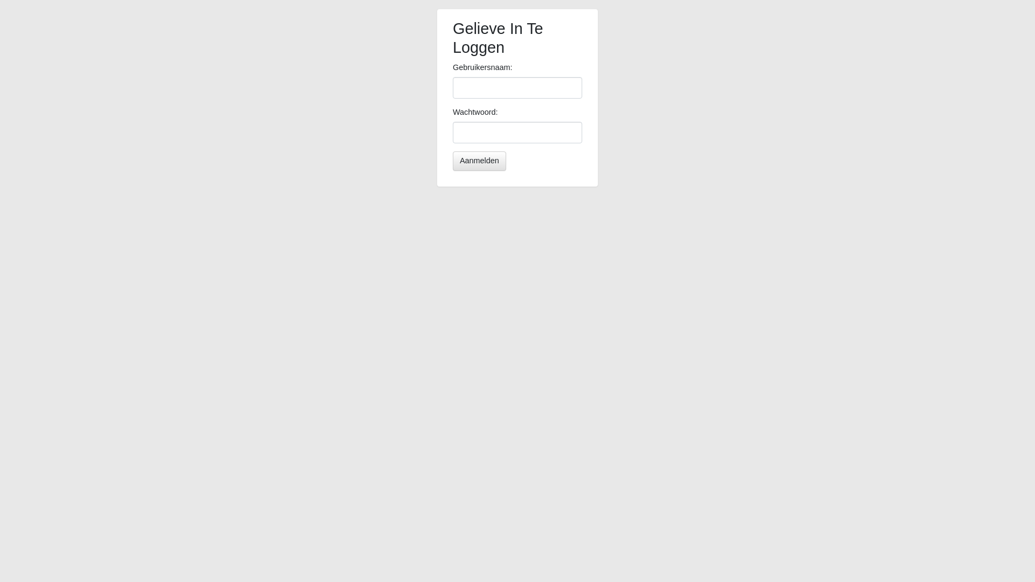 The image size is (1035, 582). Describe the element at coordinates (479, 161) in the screenshot. I see `'Aanmelden'` at that location.